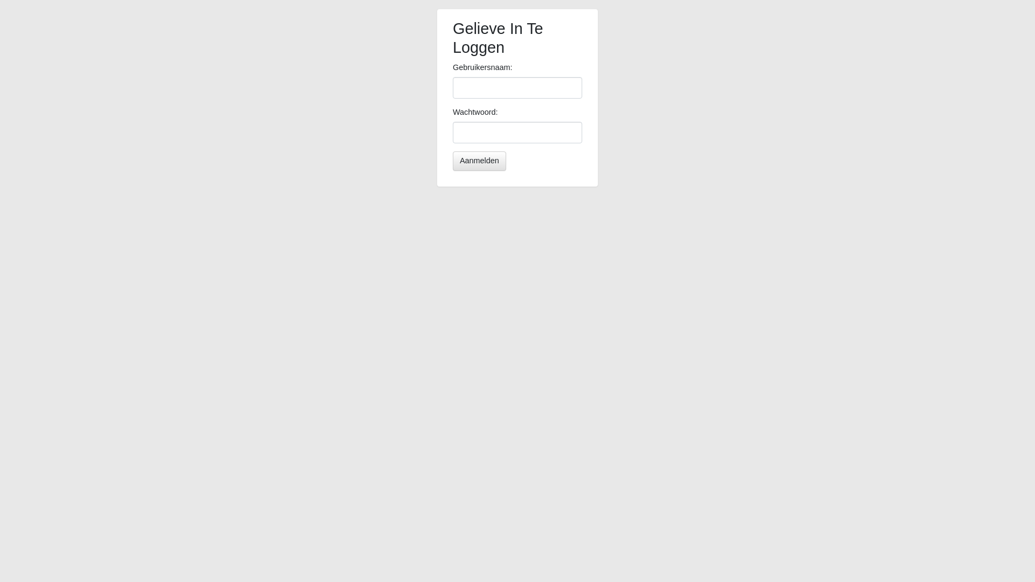 The image size is (1035, 582). Describe the element at coordinates (479, 161) in the screenshot. I see `'Aanmelden'` at that location.